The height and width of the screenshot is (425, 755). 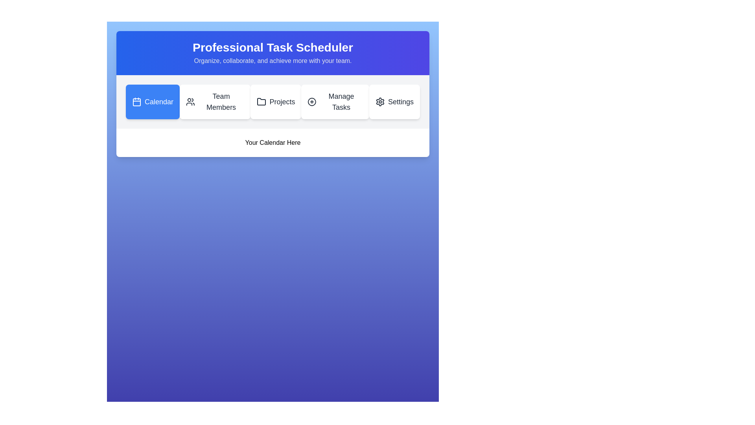 What do you see at coordinates (136, 101) in the screenshot?
I see `the small, minimalist calendar icon located to the left of the 'Calendar' text in the first button of the navigation bar, which features a blue fill color and a rectangular outline` at bounding box center [136, 101].